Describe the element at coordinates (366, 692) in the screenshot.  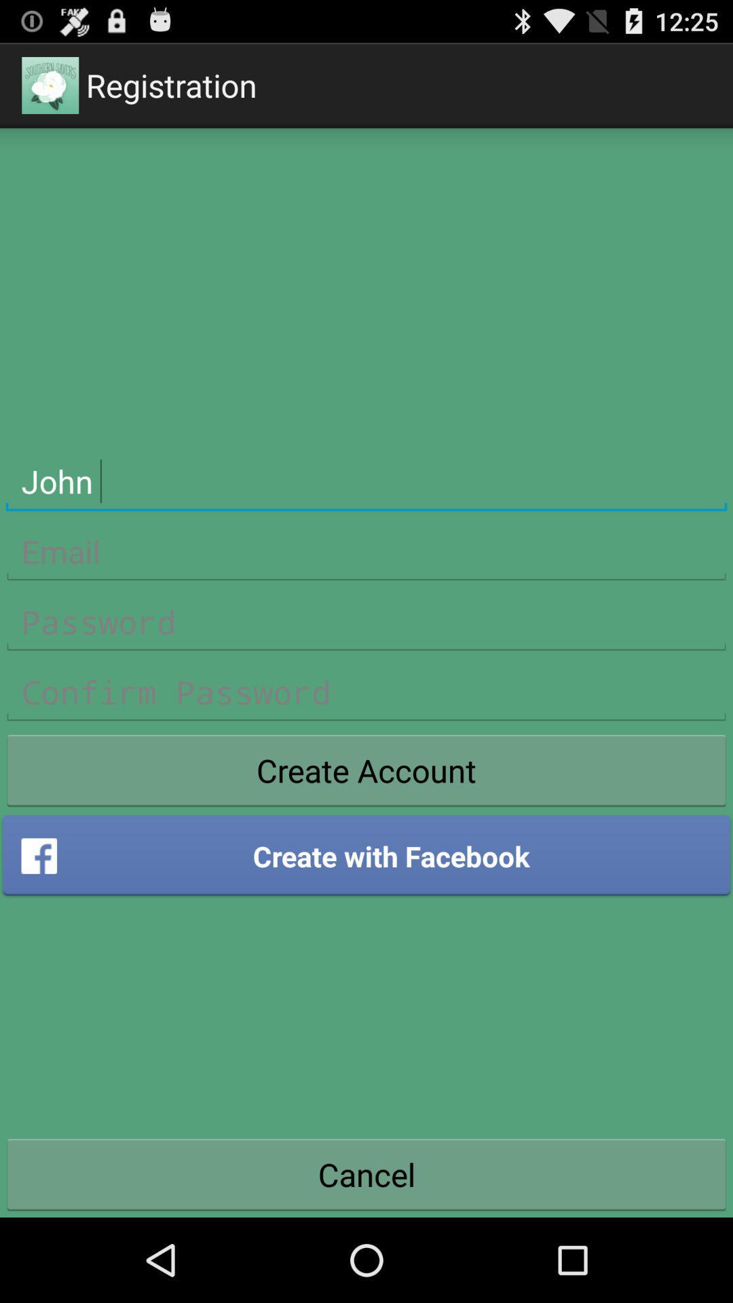
I see `confirm password` at that location.